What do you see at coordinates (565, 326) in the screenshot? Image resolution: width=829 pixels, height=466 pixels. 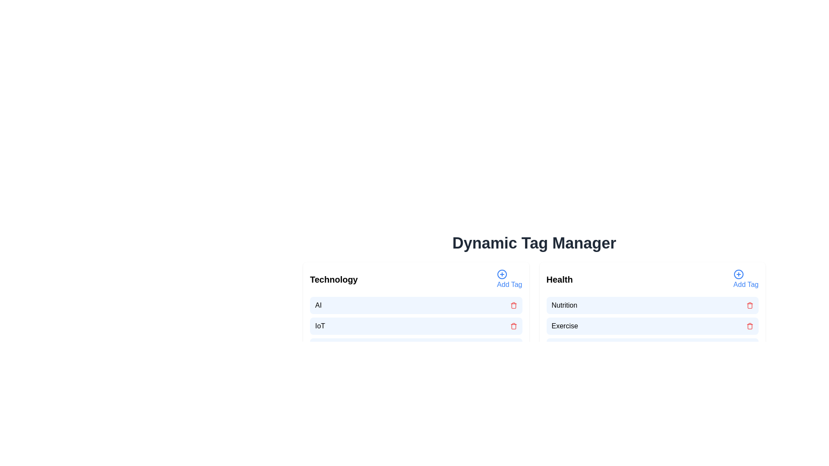 I see `'Exercise' text label located in the 'Health' section, directly below the 'Nutrition' item, by clicking on its center point` at bounding box center [565, 326].